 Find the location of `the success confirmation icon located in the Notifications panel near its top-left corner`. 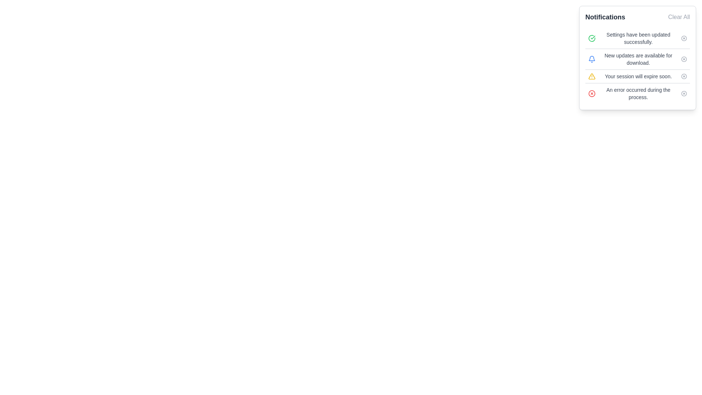

the success confirmation icon located in the Notifications panel near its top-left corner is located at coordinates (592, 38).